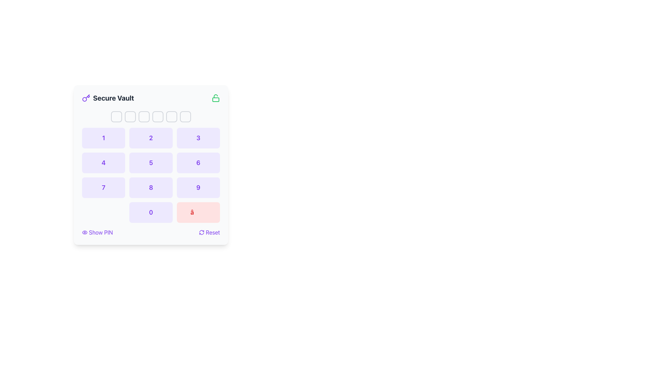  I want to click on the numeric keypad button labeled '8' to input the number, so click(150, 187).